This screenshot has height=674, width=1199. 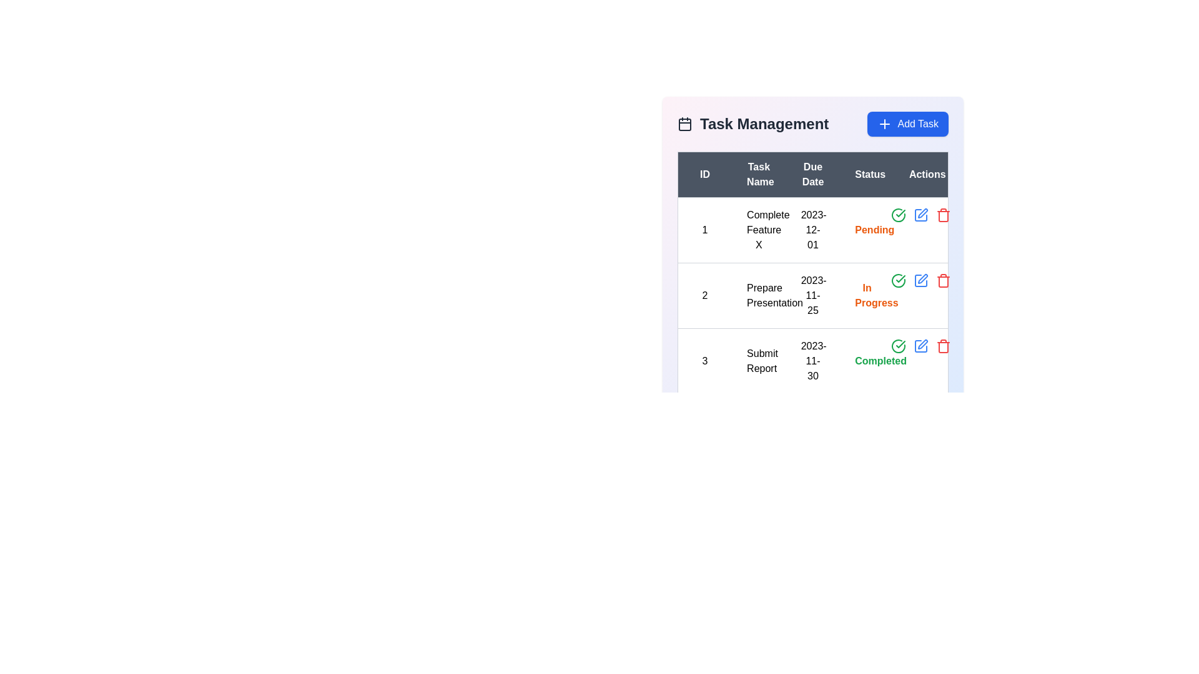 I want to click on the 'Due Date' header cell in the task management table, which is the third header cell located in the upper region of the table, so click(x=812, y=175).